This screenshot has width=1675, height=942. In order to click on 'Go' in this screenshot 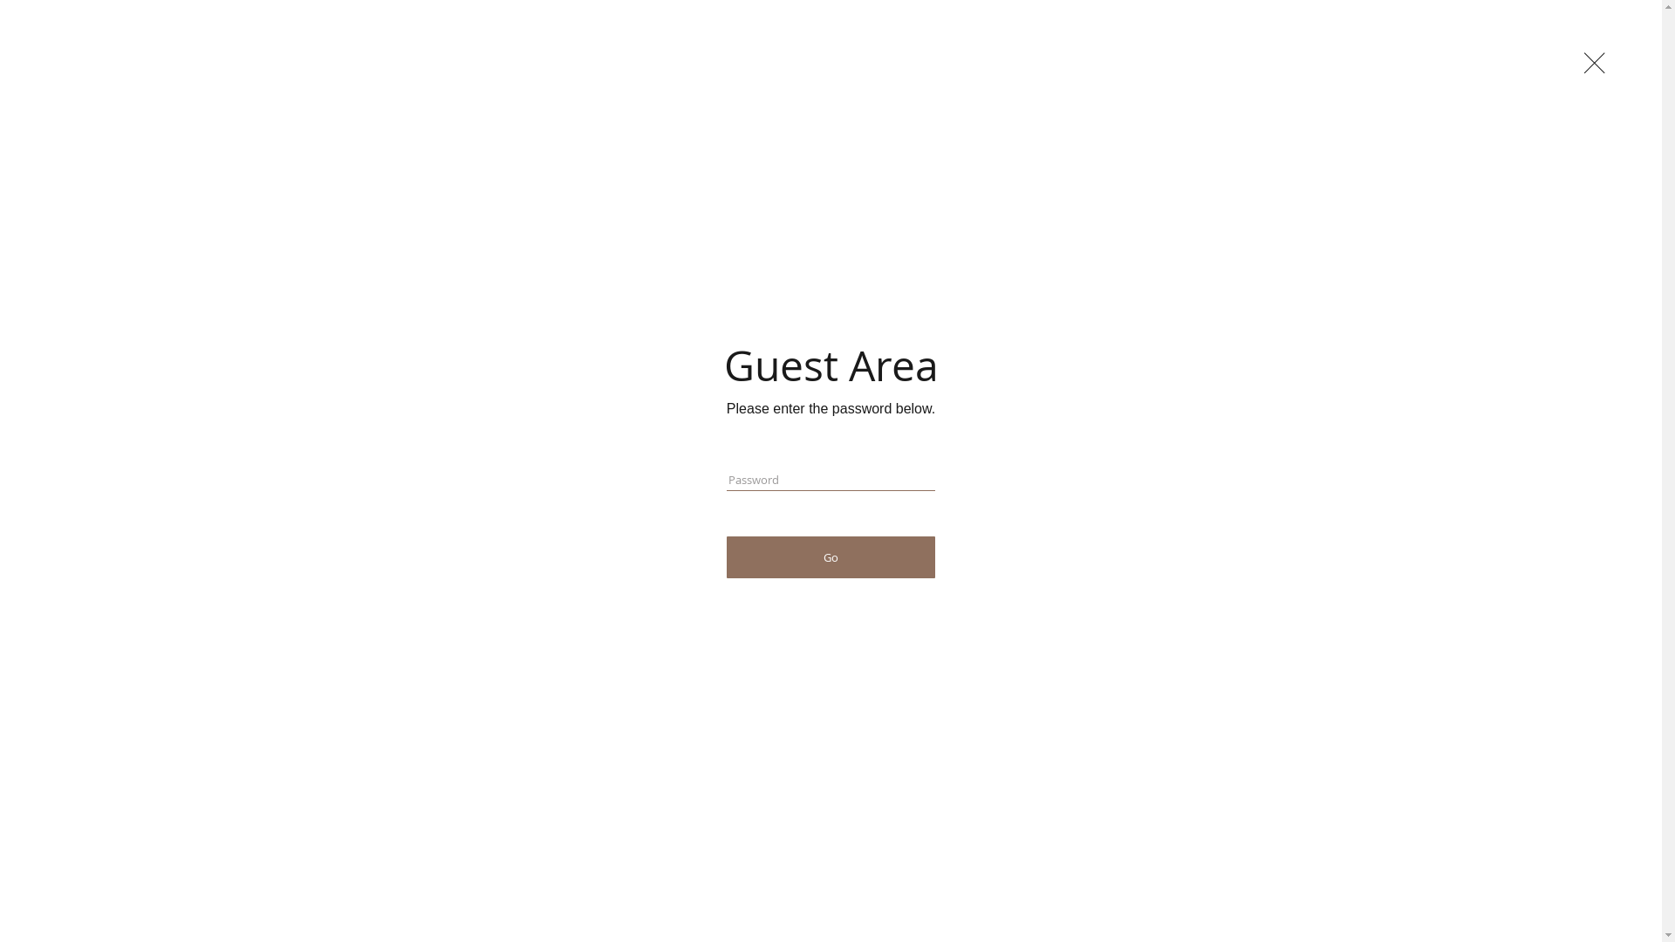, I will do `click(830, 557)`.